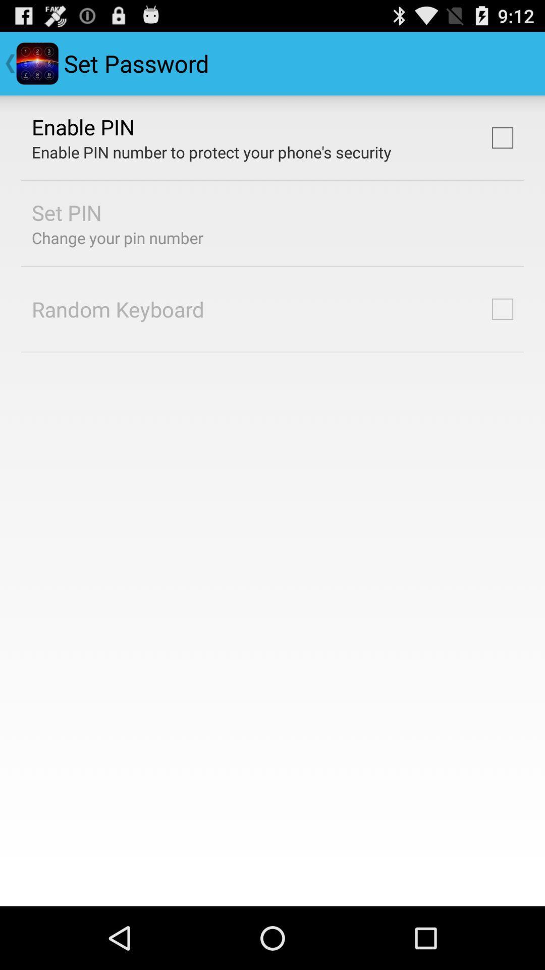  What do you see at coordinates (118, 309) in the screenshot?
I see `the app below change your pin icon` at bounding box center [118, 309].